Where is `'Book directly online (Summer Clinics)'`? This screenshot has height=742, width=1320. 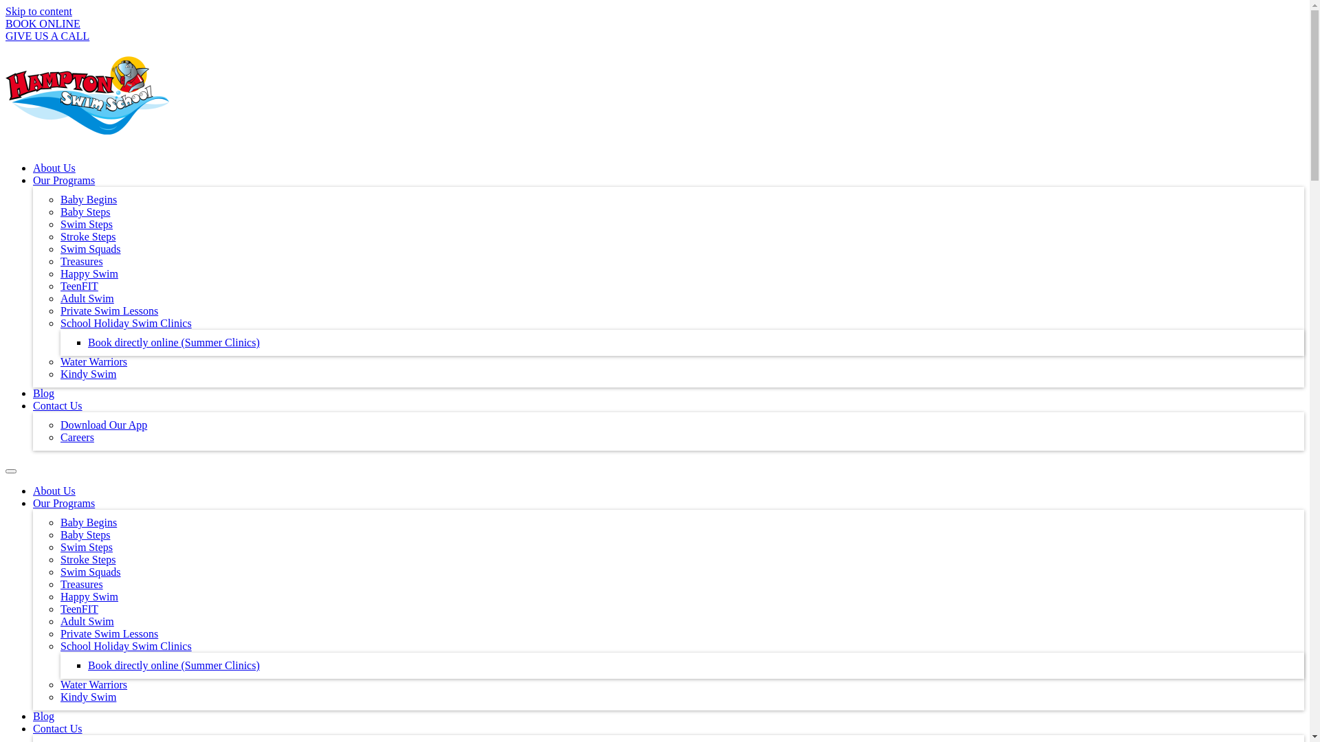 'Book directly online (Summer Clinics)' is located at coordinates (173, 664).